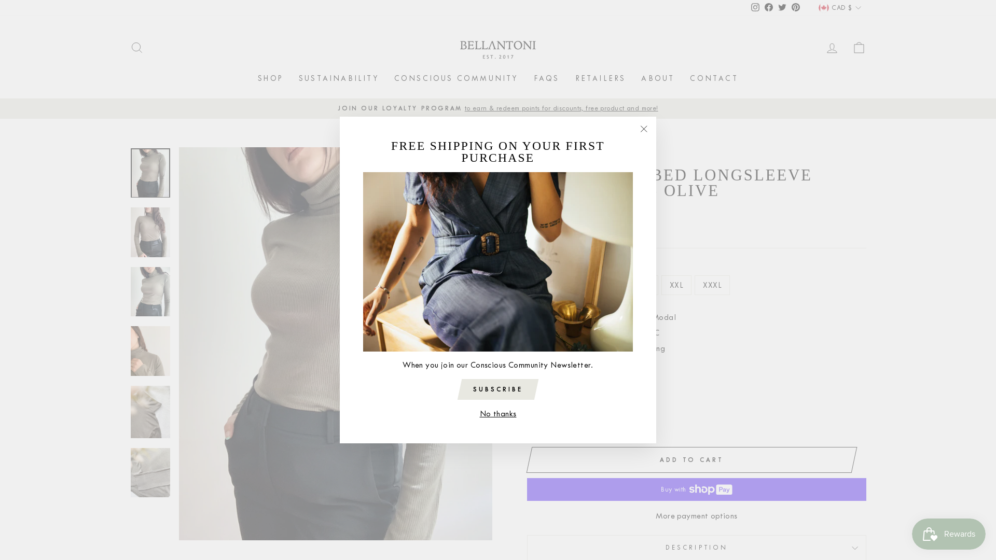  Describe the element at coordinates (567, 78) in the screenshot. I see `'RETAILERS'` at that location.